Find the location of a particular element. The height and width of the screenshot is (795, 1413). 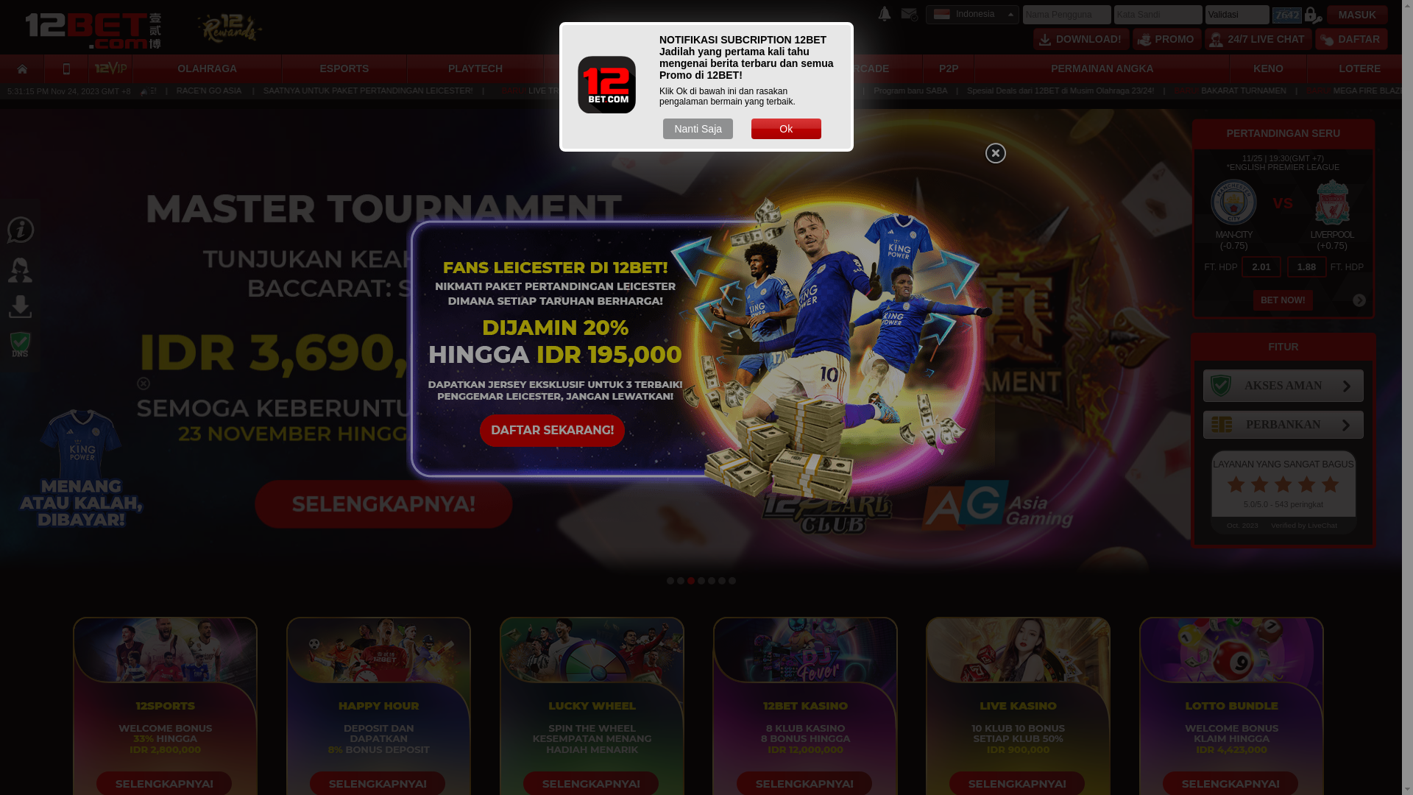

'PERMAINAN ANGKA' is located at coordinates (1102, 68).